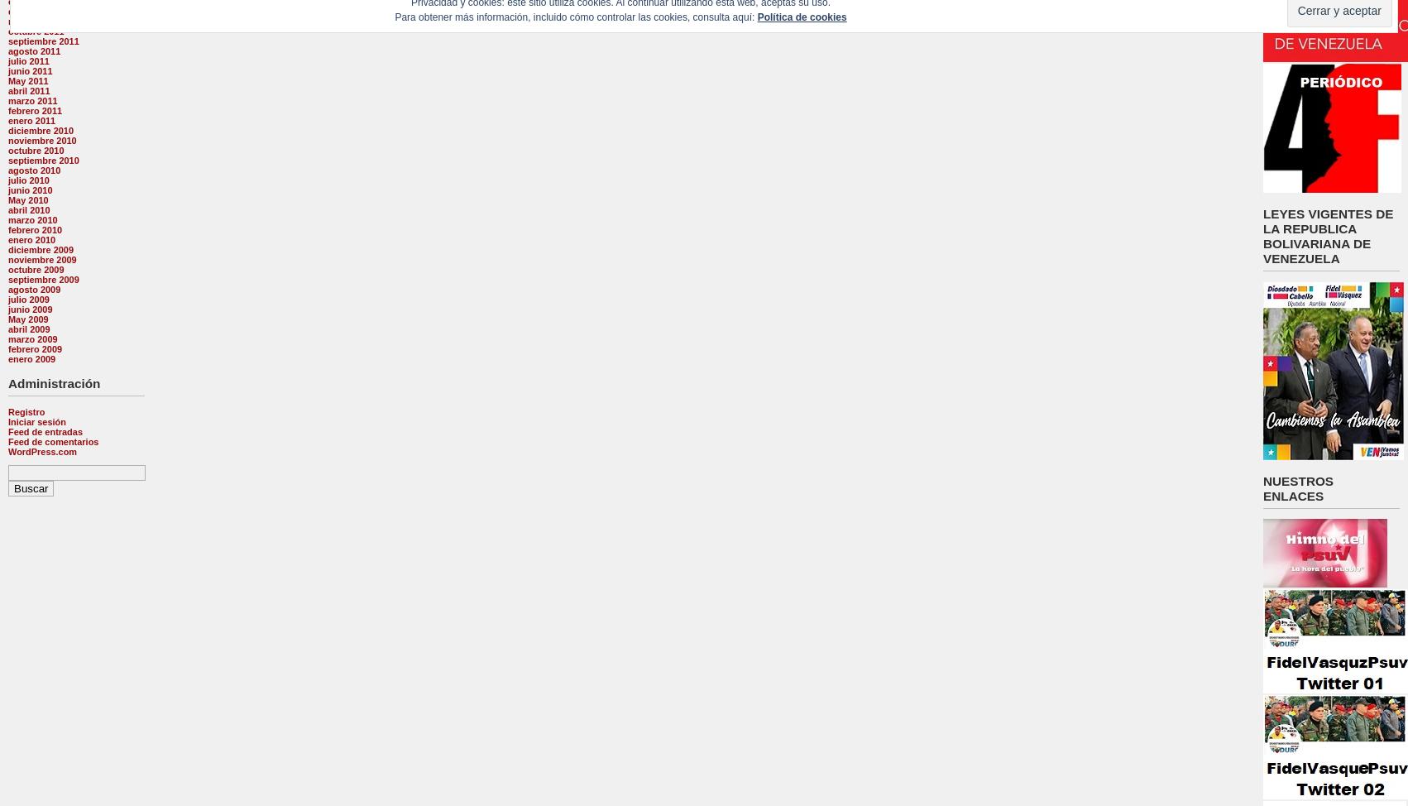  What do you see at coordinates (31, 238) in the screenshot?
I see `'enero 2010'` at bounding box center [31, 238].